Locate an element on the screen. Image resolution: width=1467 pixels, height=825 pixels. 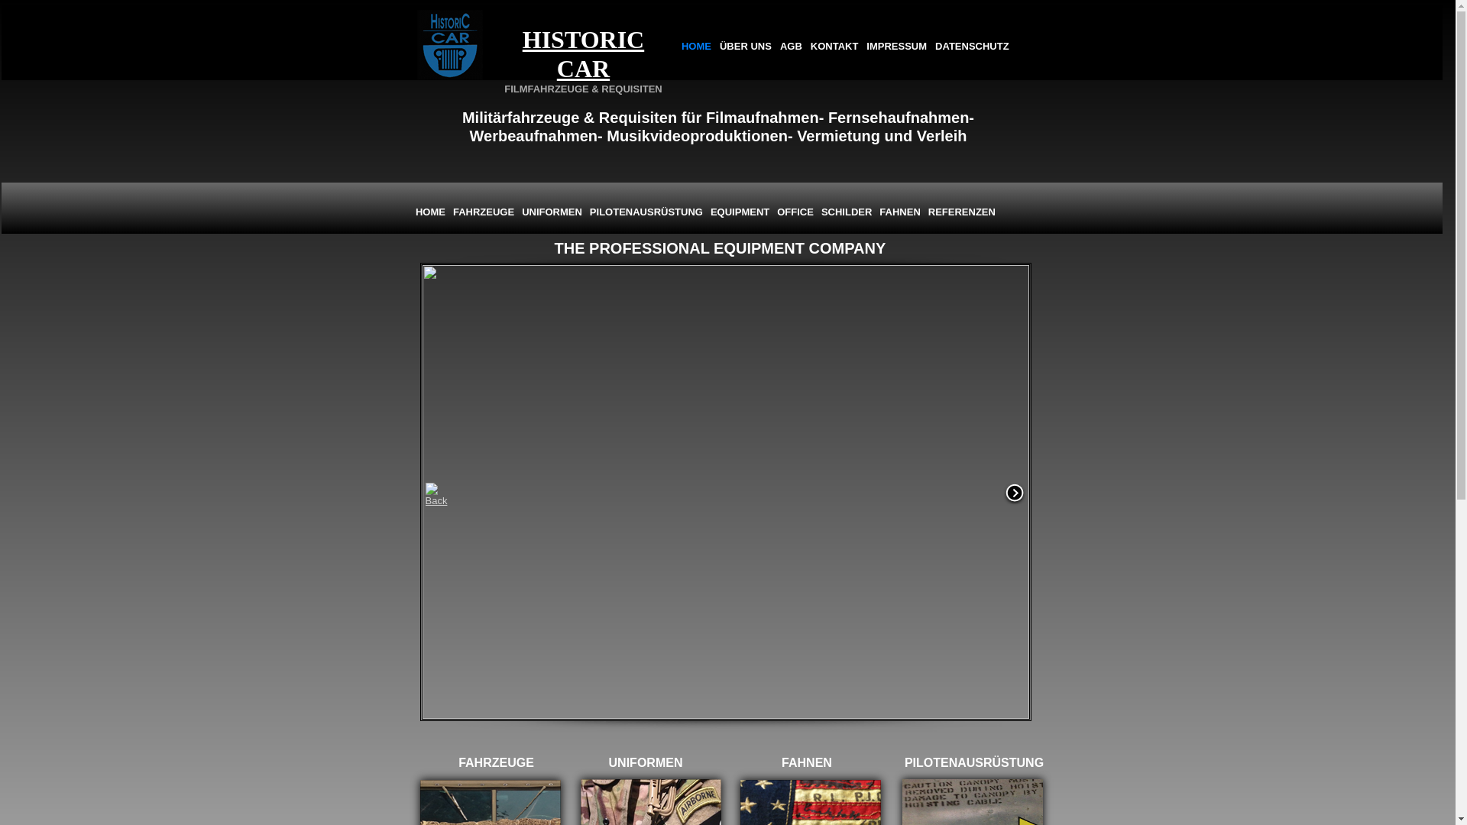
'DATENSCHUTZ' is located at coordinates (971, 46).